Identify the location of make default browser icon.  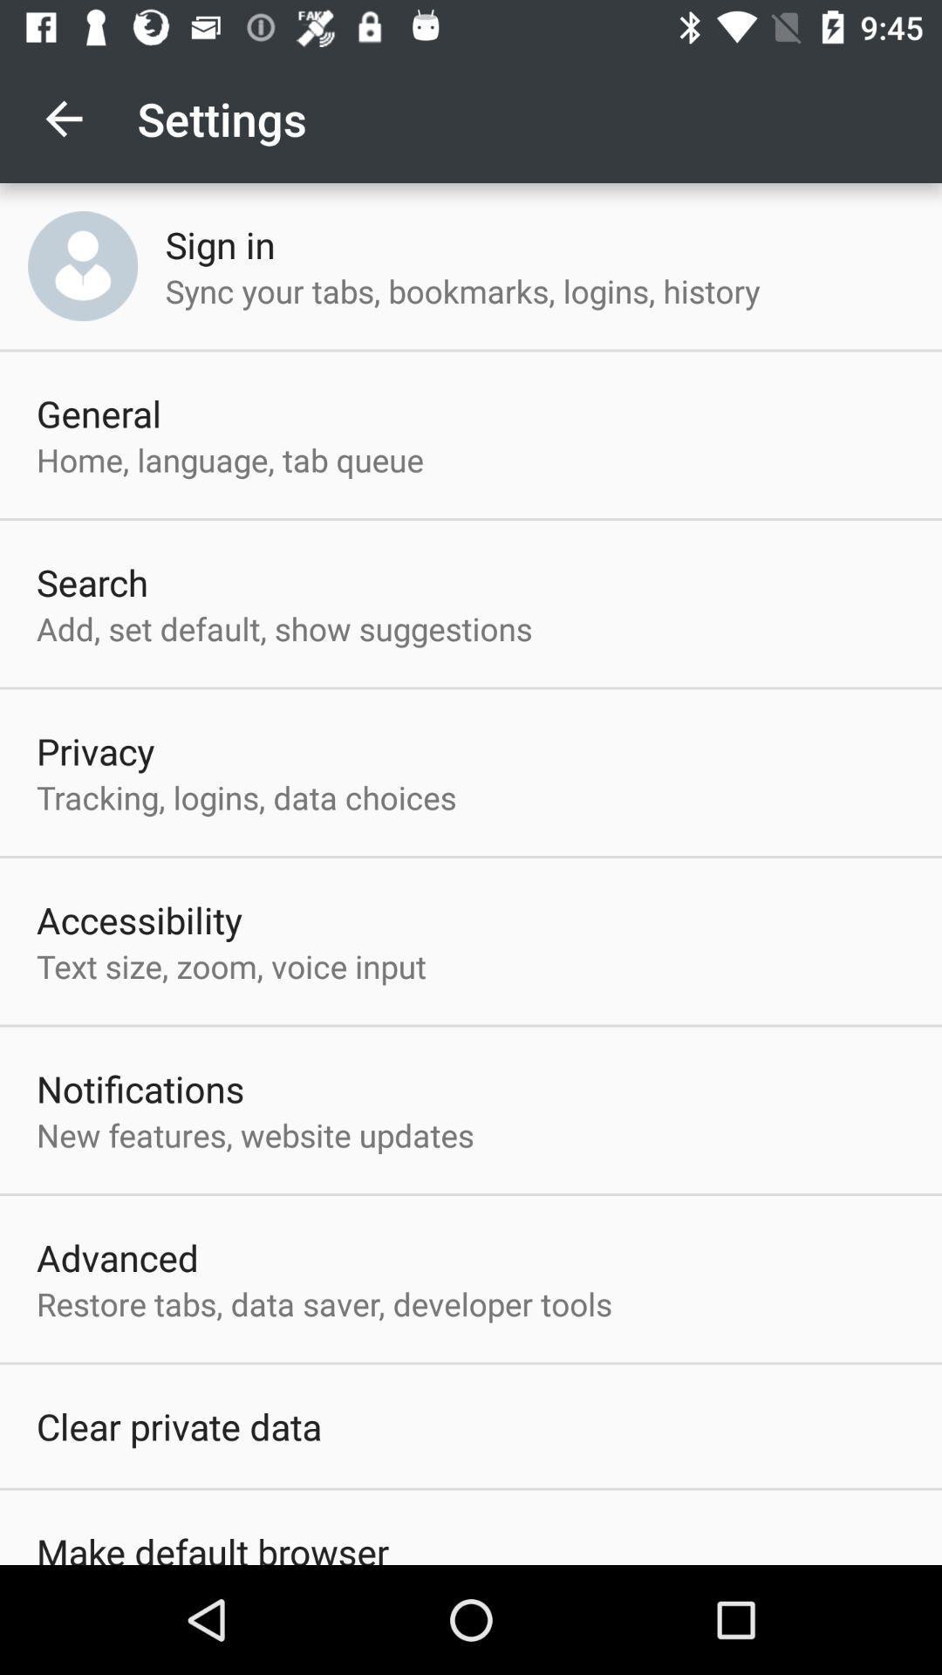
(212, 1546).